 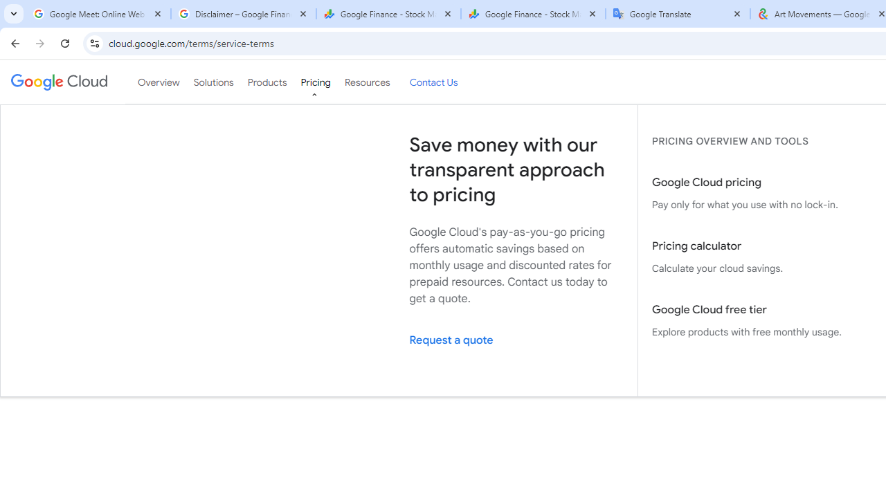 What do you see at coordinates (314, 82) in the screenshot?
I see `'Pricing'` at bounding box center [314, 82].